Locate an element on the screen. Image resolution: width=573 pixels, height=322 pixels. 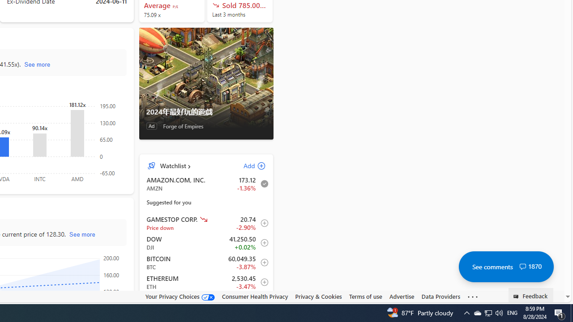
'BNB BNB decrease 543.57 -7.28 -1.34% item4' is located at coordinates (206, 302).